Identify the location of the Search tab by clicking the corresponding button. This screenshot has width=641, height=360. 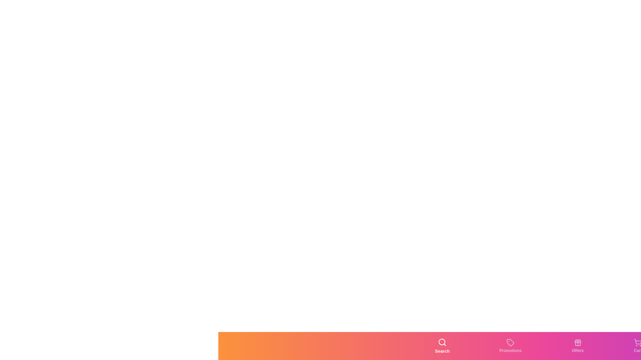
(442, 345).